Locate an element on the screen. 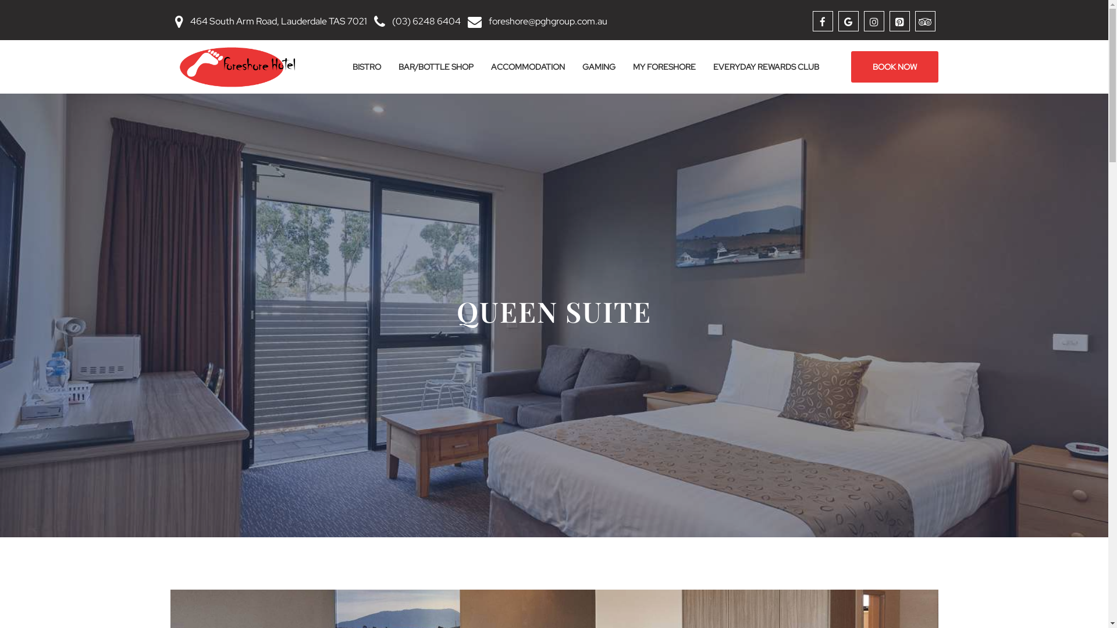 This screenshot has height=628, width=1117. '(03) 6248 6404' is located at coordinates (426, 21).